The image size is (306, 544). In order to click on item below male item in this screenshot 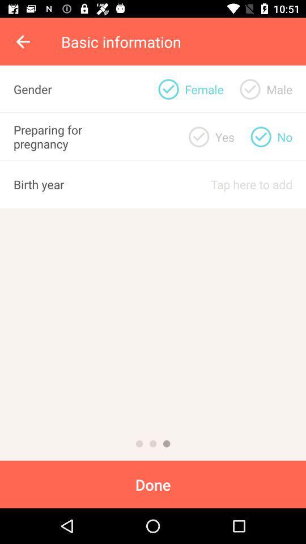, I will do `click(284, 136)`.